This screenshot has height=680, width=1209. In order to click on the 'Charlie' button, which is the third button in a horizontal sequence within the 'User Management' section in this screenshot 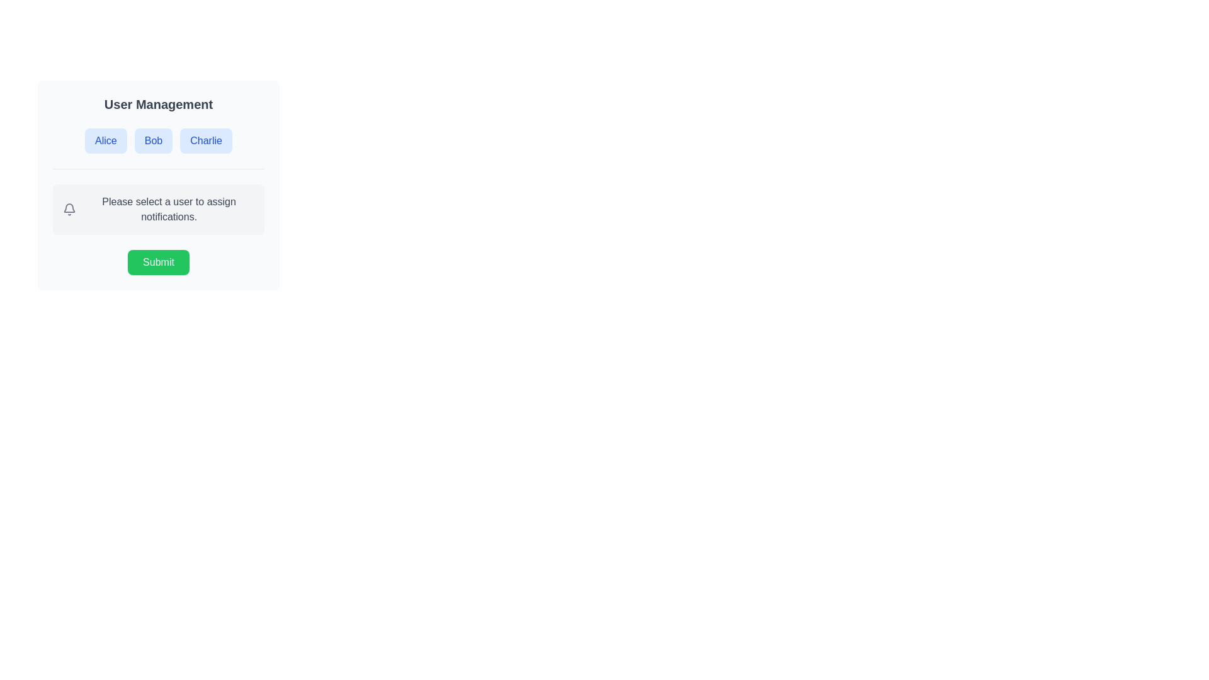, I will do `click(206, 140)`.